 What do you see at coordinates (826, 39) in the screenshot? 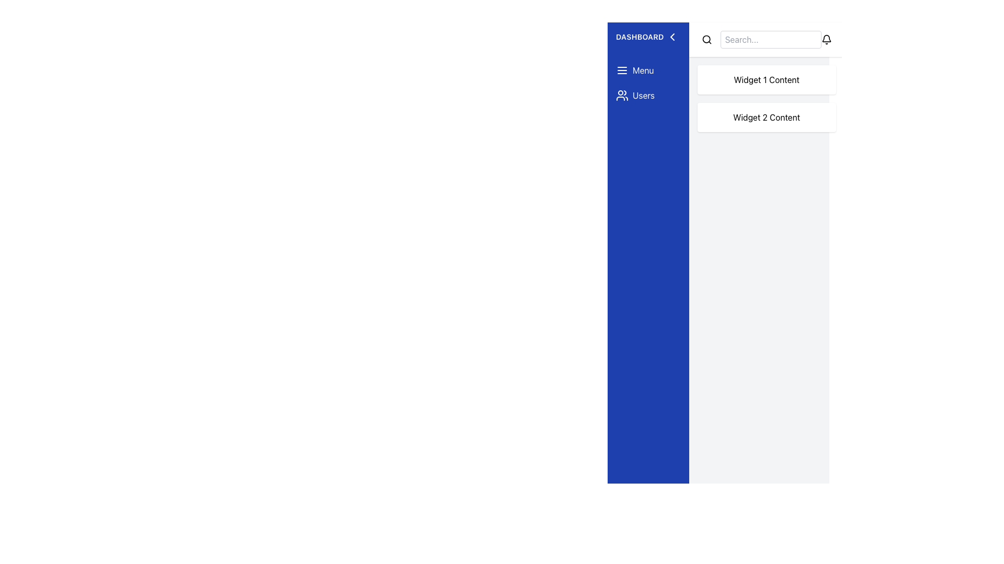
I see `the bell icon located at the top right of the interface` at bounding box center [826, 39].